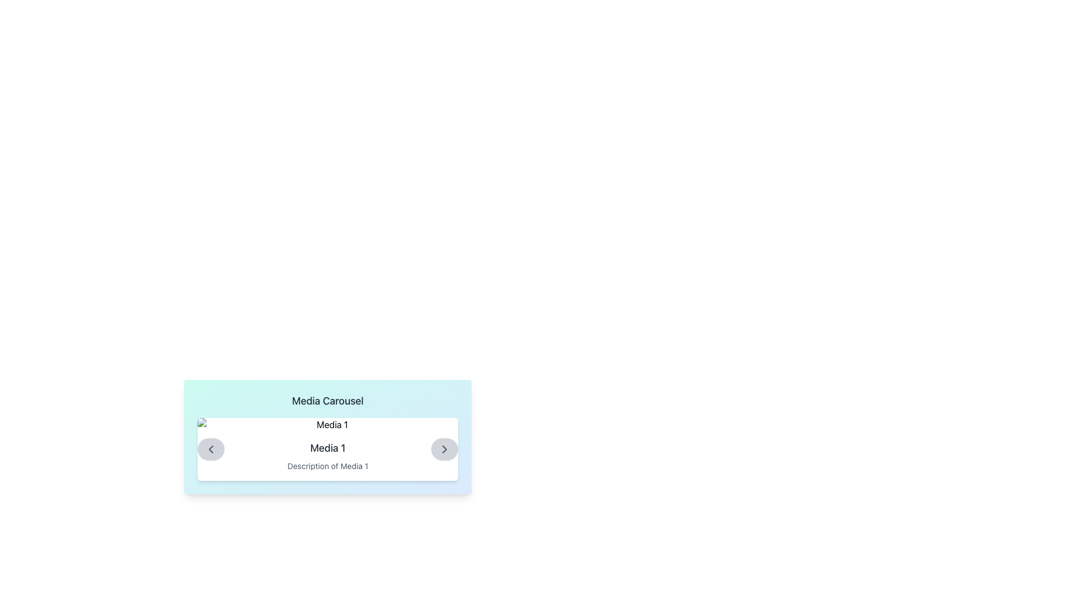 The image size is (1078, 606). What do you see at coordinates (327, 456) in the screenshot?
I see `the text block containing the title 'Media 1' and the description 'Description of Media 1' located centrally in the media carousel` at bounding box center [327, 456].